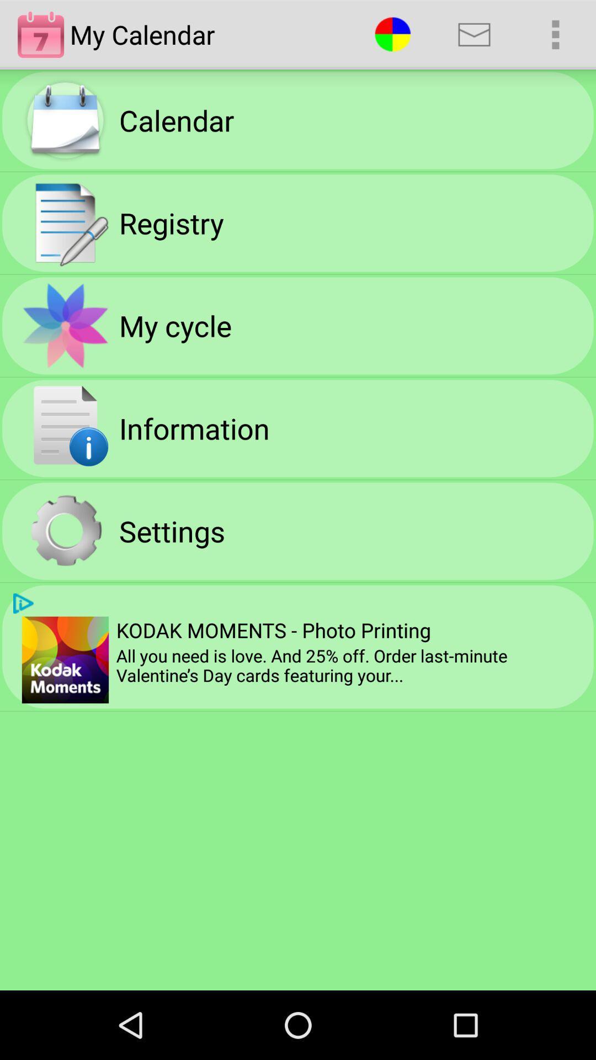 This screenshot has width=596, height=1060. What do you see at coordinates (273, 630) in the screenshot?
I see `the kodak moments photo icon` at bounding box center [273, 630].